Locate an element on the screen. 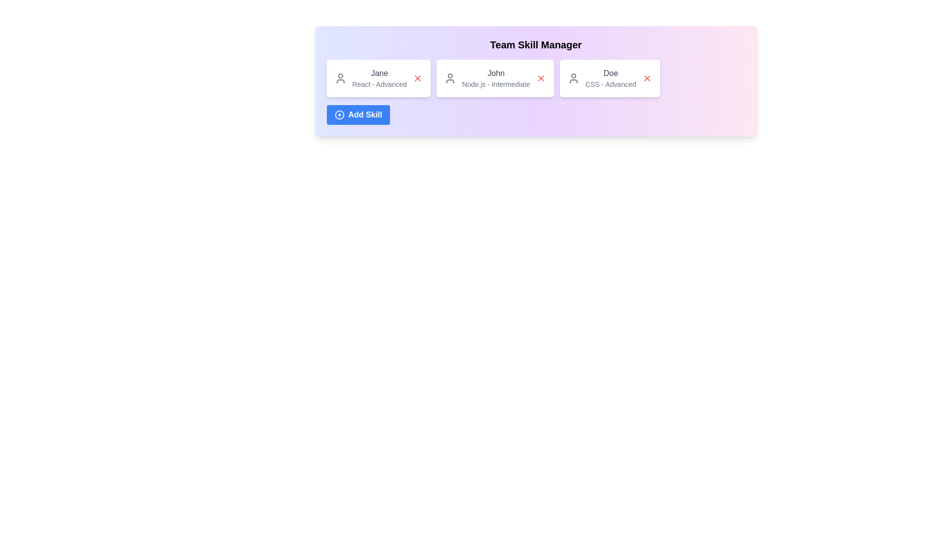 The width and height of the screenshot is (948, 533). 'Add Skill' button to add a new skill entry is located at coordinates (357, 114).